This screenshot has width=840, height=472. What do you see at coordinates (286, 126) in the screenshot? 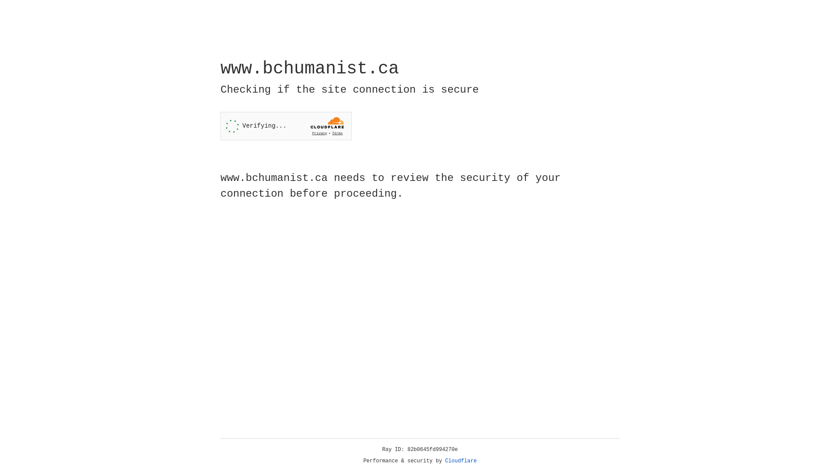
I see `'Widget containing a Cloudflare security challenge'` at bounding box center [286, 126].